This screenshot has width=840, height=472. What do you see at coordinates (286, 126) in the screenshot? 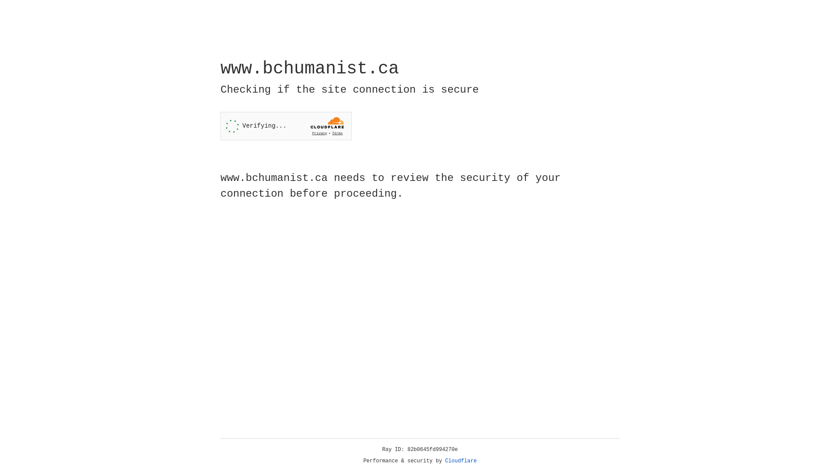
I see `'Widget containing a Cloudflare security challenge'` at bounding box center [286, 126].